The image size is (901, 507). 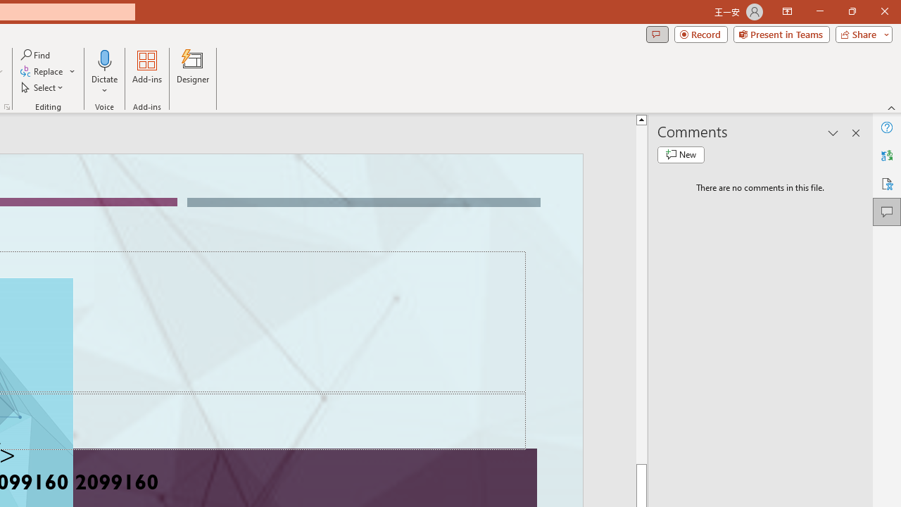 What do you see at coordinates (7, 106) in the screenshot?
I see `'Format Object...'` at bounding box center [7, 106].